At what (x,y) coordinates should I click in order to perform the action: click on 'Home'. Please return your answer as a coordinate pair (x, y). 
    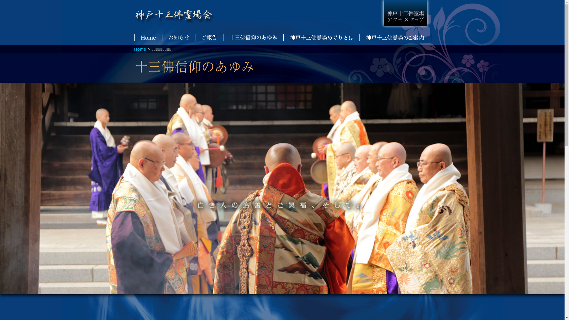
    Looking at the image, I should click on (140, 49).